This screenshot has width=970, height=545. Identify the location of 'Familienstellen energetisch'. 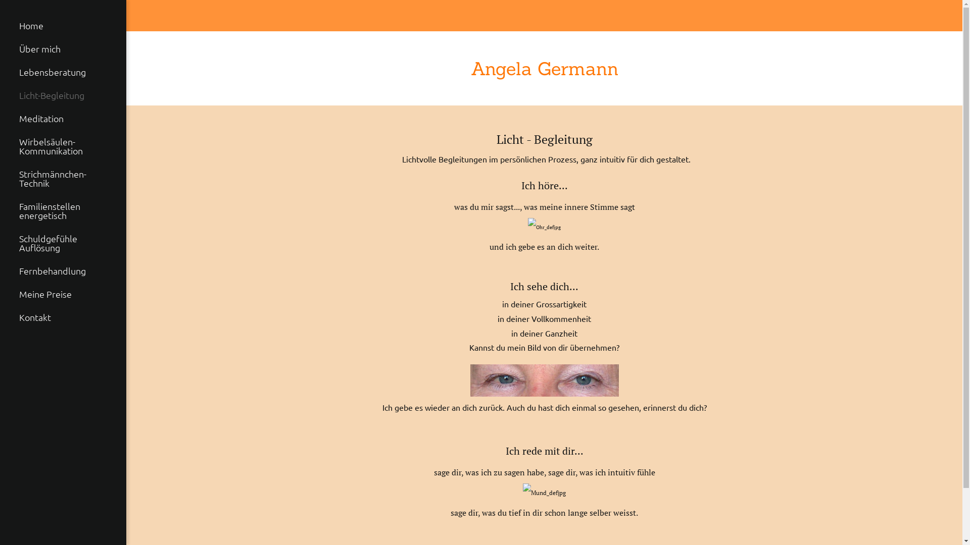
(62, 210).